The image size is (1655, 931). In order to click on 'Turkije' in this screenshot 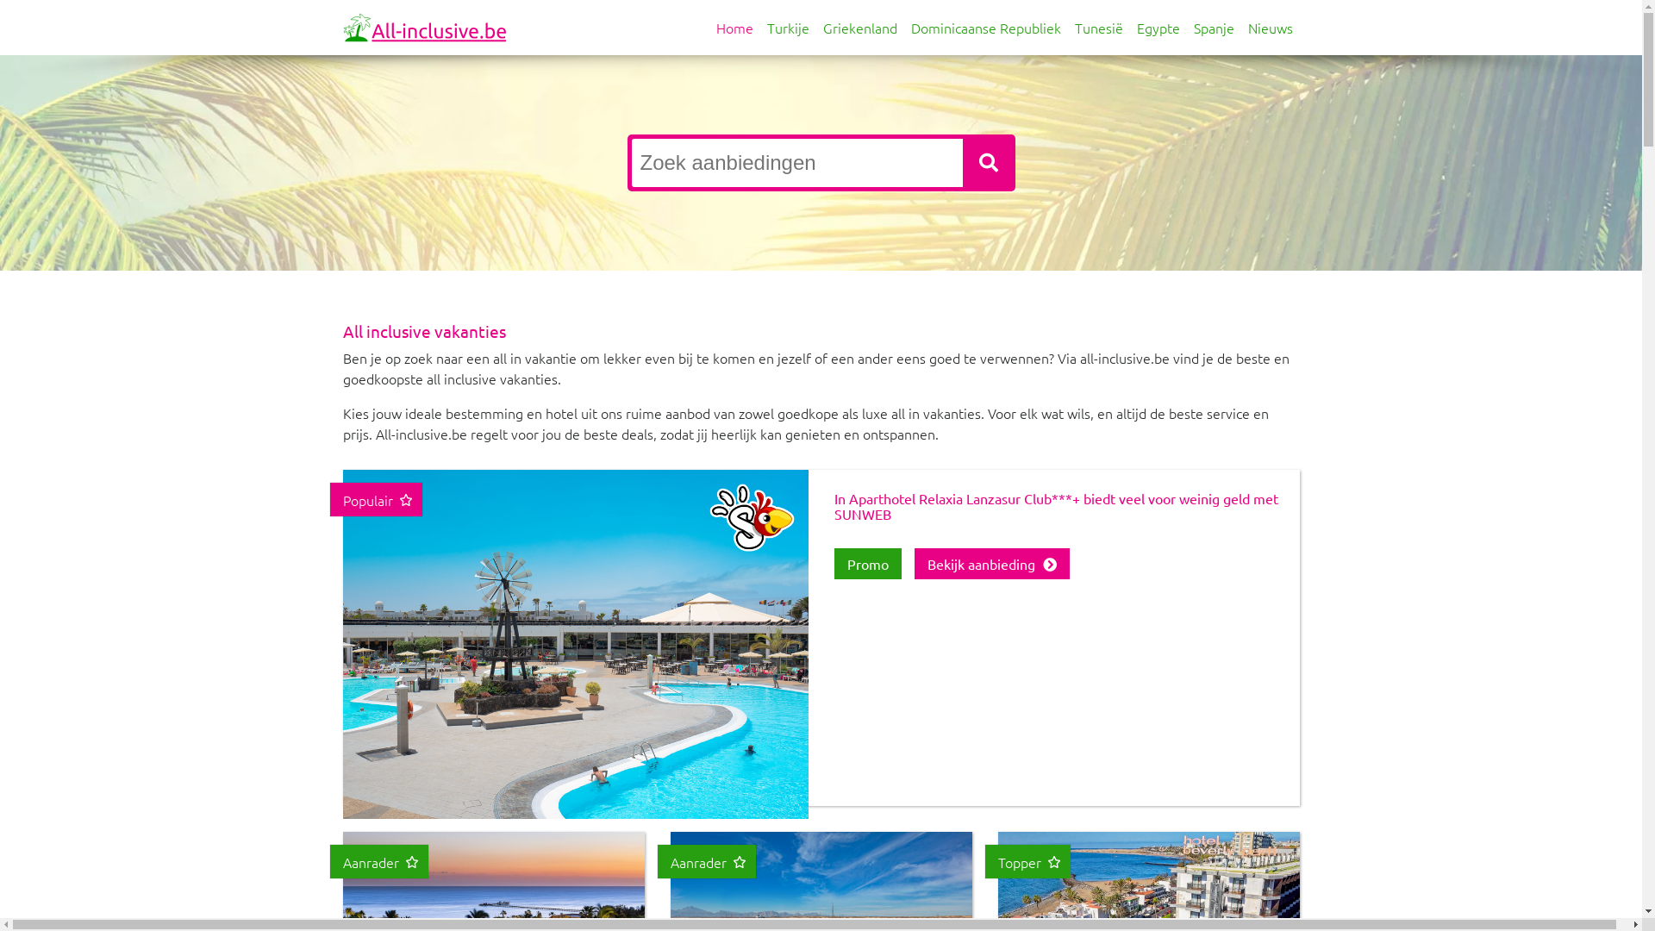, I will do `click(787, 27)`.